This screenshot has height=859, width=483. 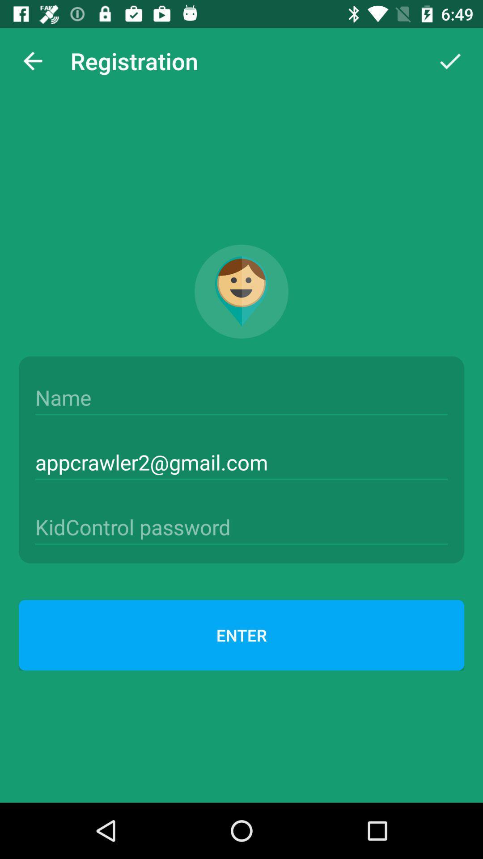 I want to click on kidcontrol password entry spot, so click(x=241, y=527).